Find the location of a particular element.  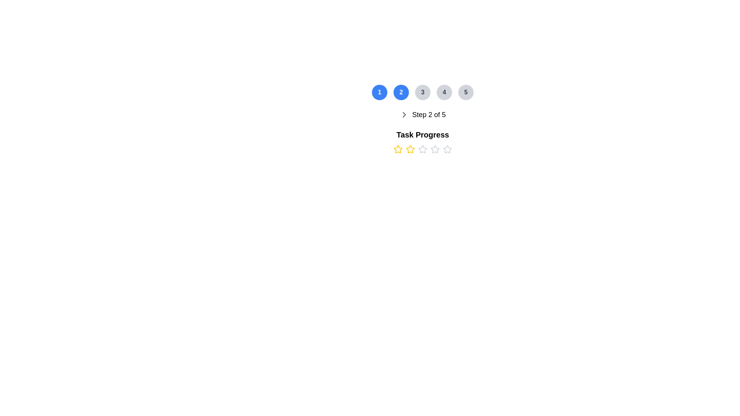

the label indicating the user is on the second step of a five-step process, which is located below the step indicators and above the 'Task Progress' heading is located at coordinates (422, 114).